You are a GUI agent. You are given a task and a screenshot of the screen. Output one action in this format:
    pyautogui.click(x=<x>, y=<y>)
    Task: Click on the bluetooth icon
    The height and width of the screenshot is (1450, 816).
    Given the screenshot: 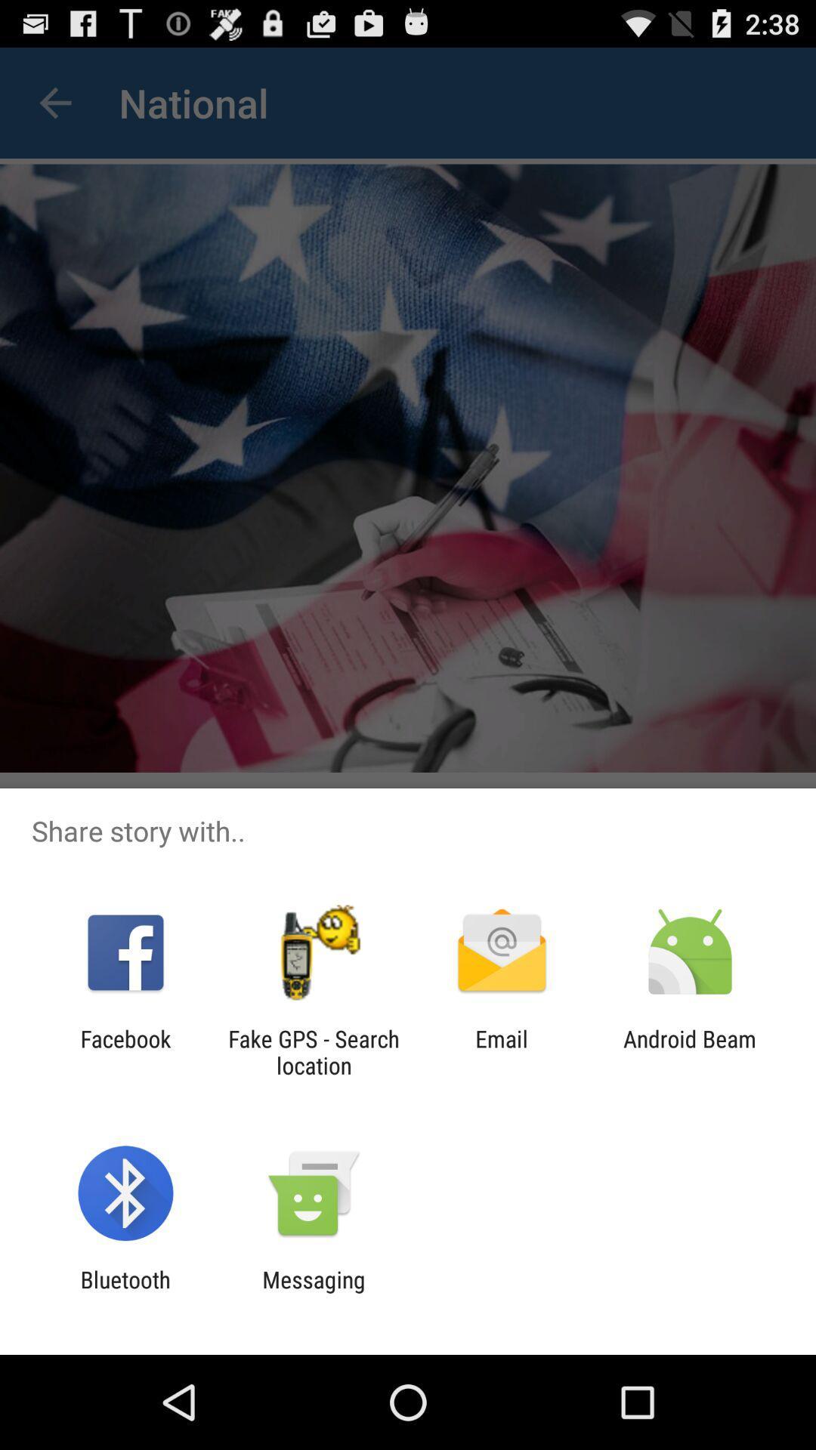 What is the action you would take?
    pyautogui.click(x=125, y=1292)
    